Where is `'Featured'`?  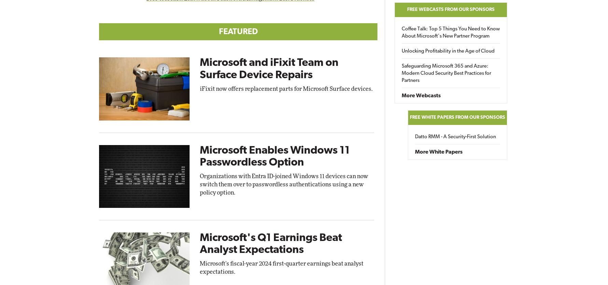 'Featured' is located at coordinates (238, 31).